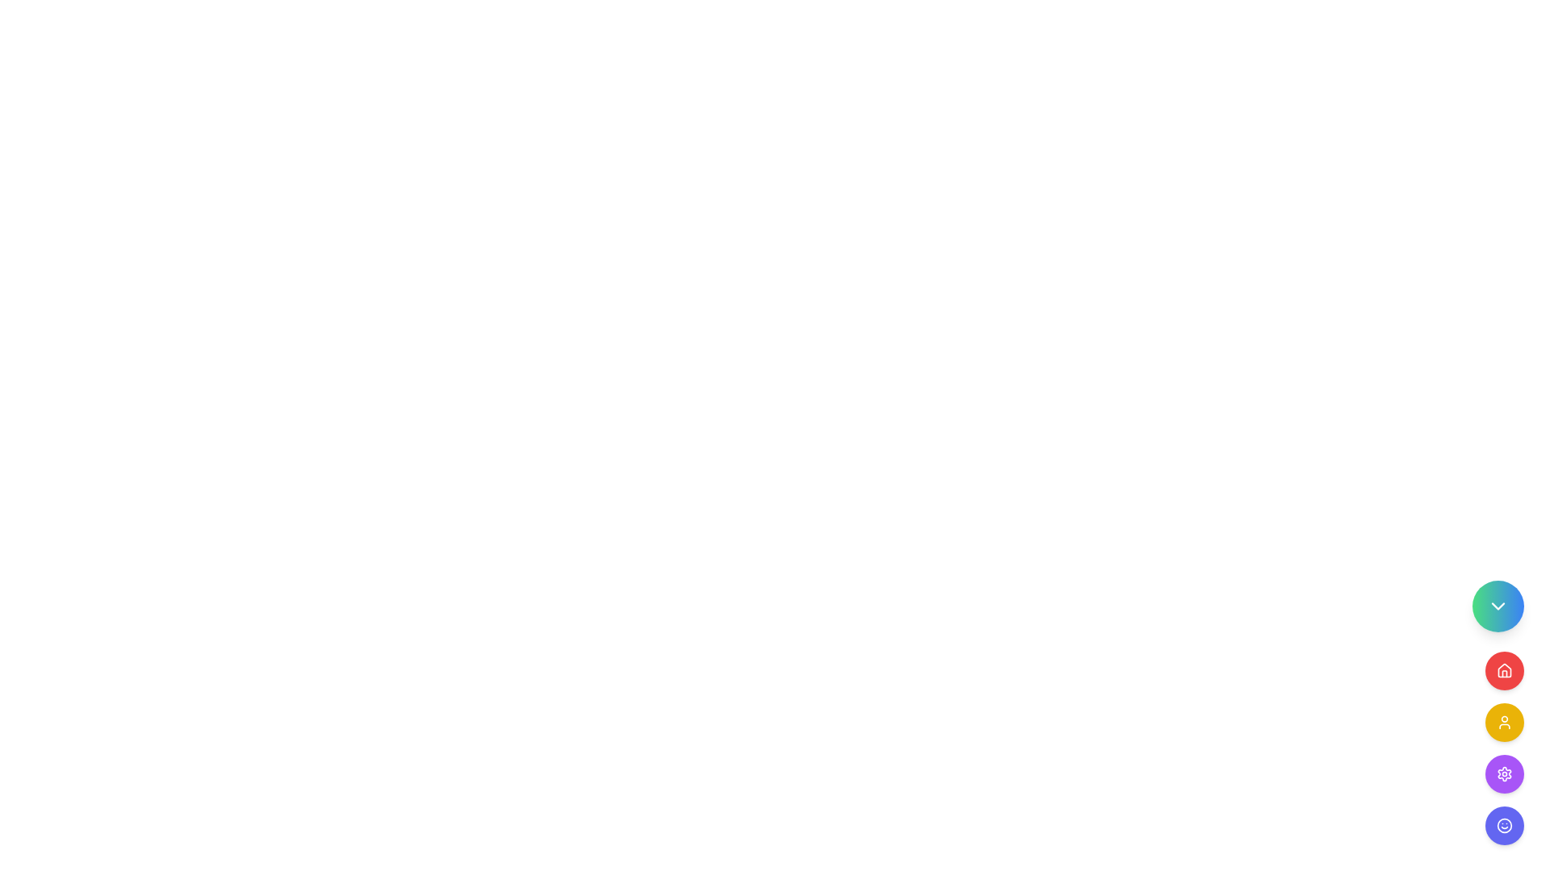  What do you see at coordinates (1503, 825) in the screenshot?
I see `the smile icon located at the bottom of the vertical floating menu on the right side of the interface` at bounding box center [1503, 825].